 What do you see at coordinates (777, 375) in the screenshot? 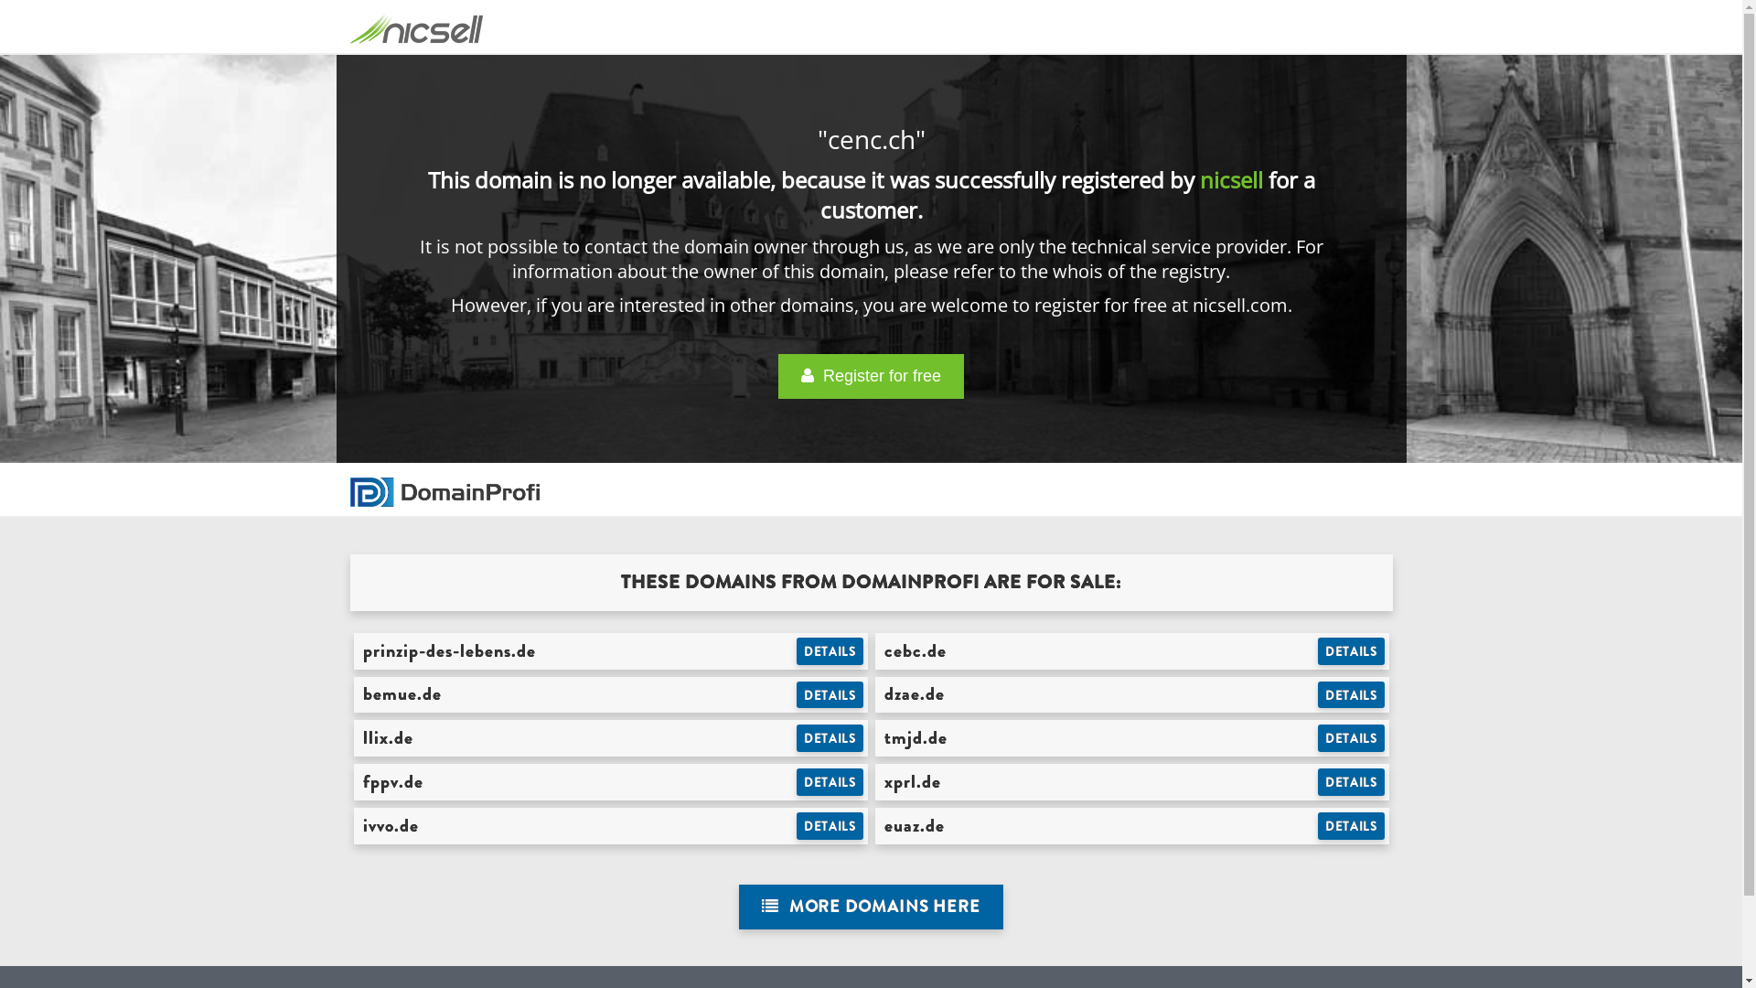
I see `'  Register for free'` at bounding box center [777, 375].